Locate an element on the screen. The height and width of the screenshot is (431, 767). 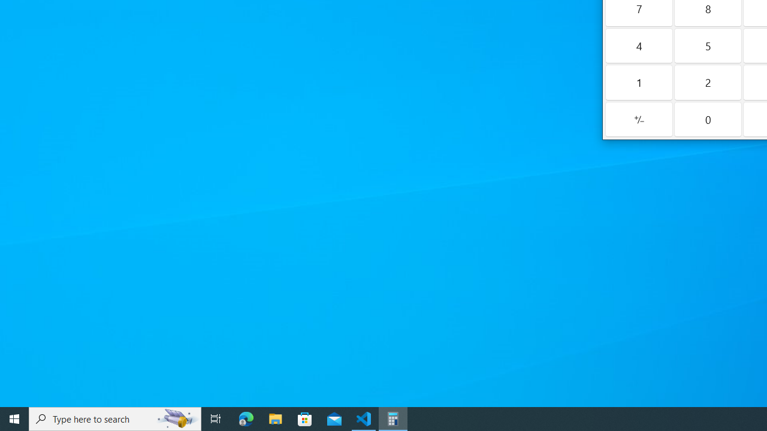
'Visual Studio Code - 1 running window' is located at coordinates (363, 418).